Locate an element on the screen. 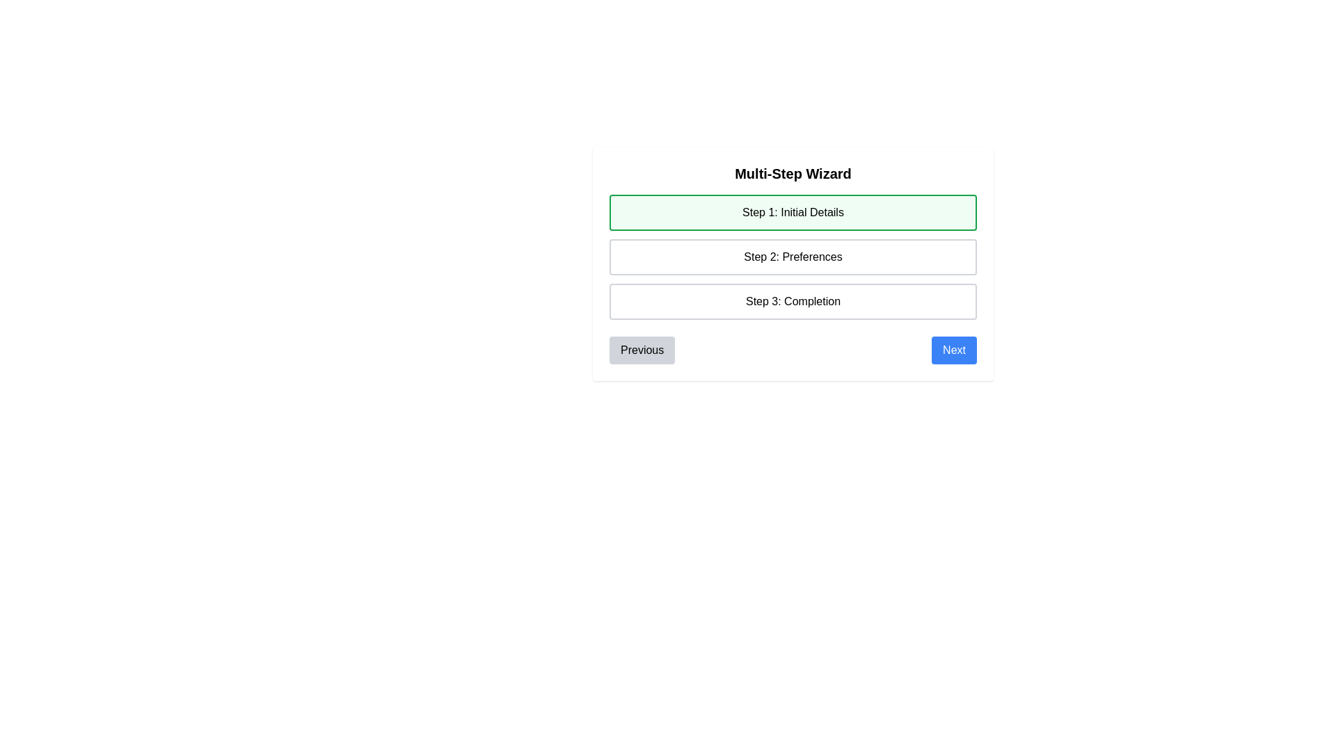  the multi-step wizard interface is located at coordinates (793, 264).